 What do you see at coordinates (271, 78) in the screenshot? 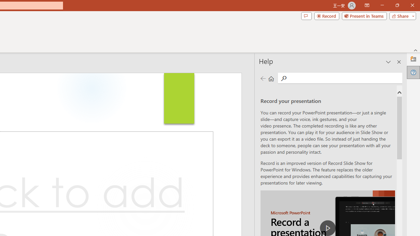
I see `'Home'` at bounding box center [271, 78].